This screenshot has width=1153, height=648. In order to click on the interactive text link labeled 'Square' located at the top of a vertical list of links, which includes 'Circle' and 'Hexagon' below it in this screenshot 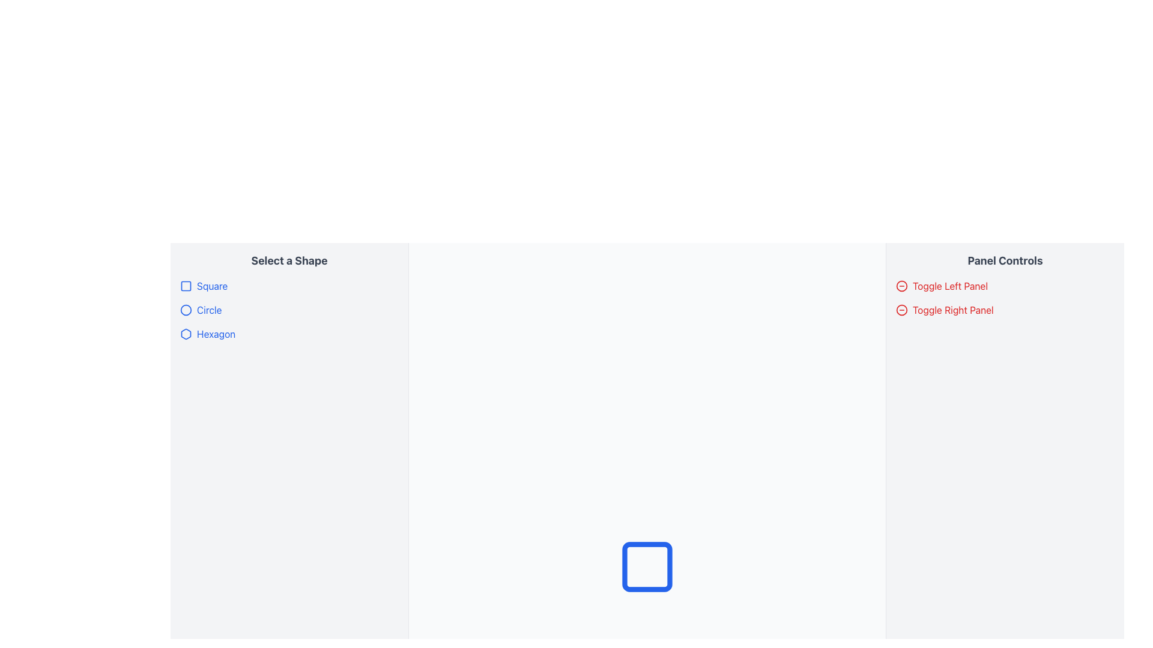, I will do `click(204, 286)`.